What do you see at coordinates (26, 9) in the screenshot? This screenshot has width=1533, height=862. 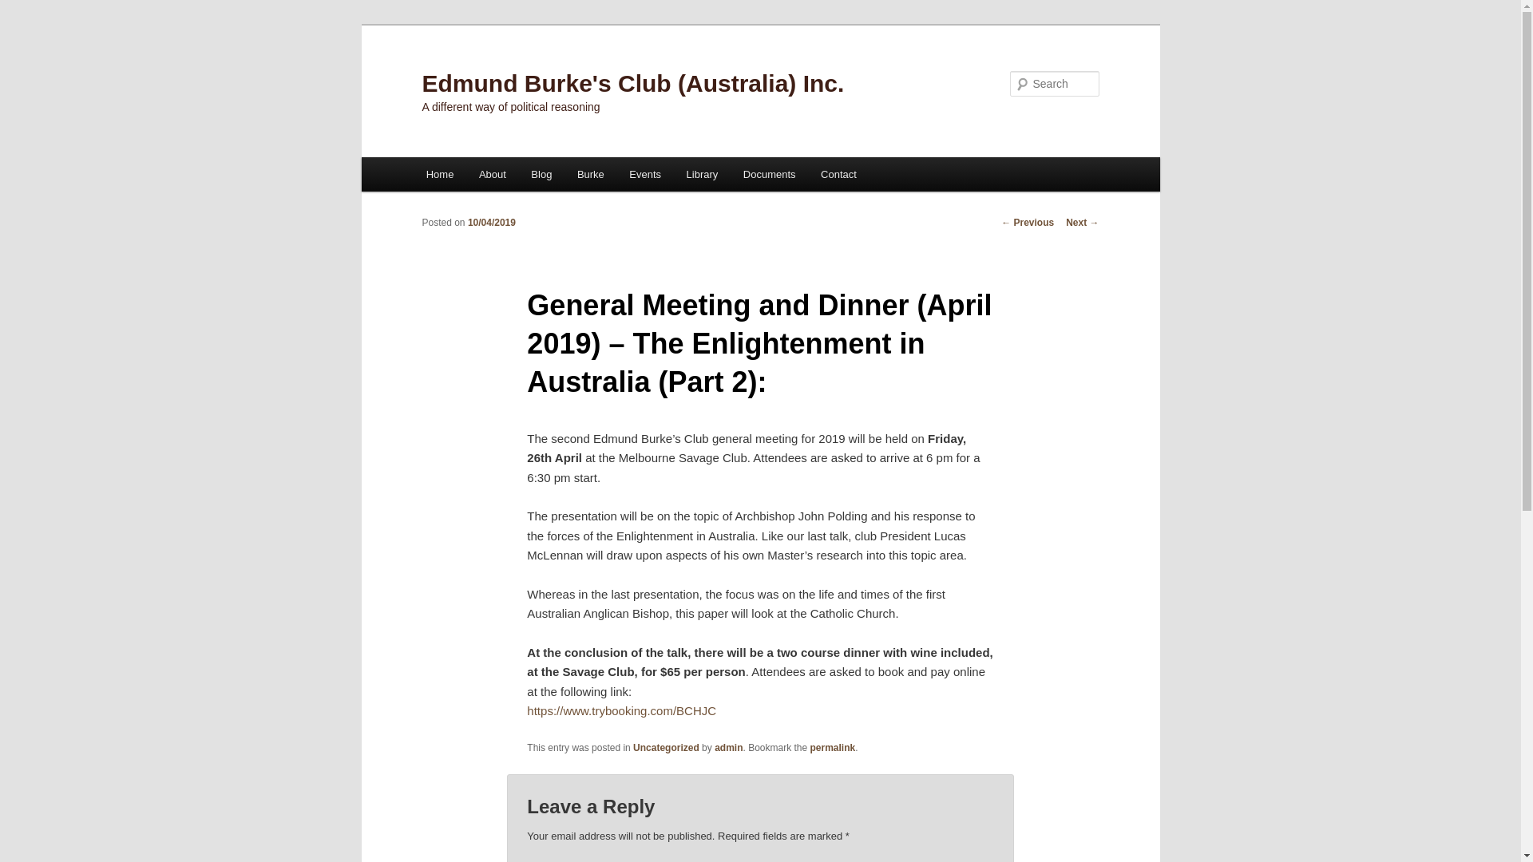 I see `'Search'` at bounding box center [26, 9].